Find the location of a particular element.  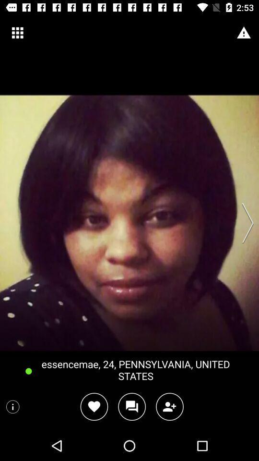

the item on the right is located at coordinates (245, 223).